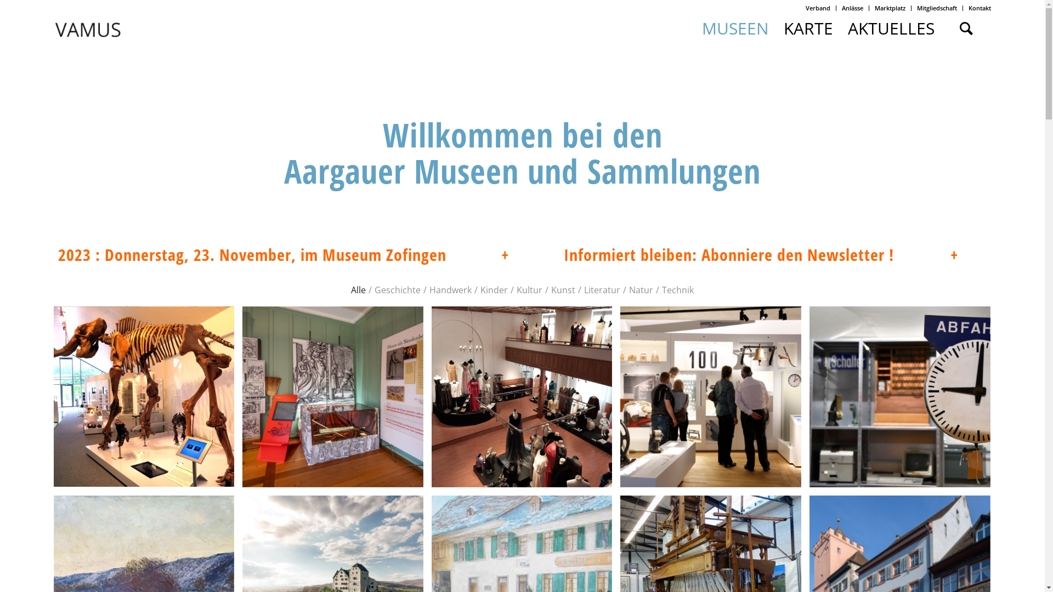 This screenshot has width=1053, height=592. I want to click on 'Kinder', so click(480, 276).